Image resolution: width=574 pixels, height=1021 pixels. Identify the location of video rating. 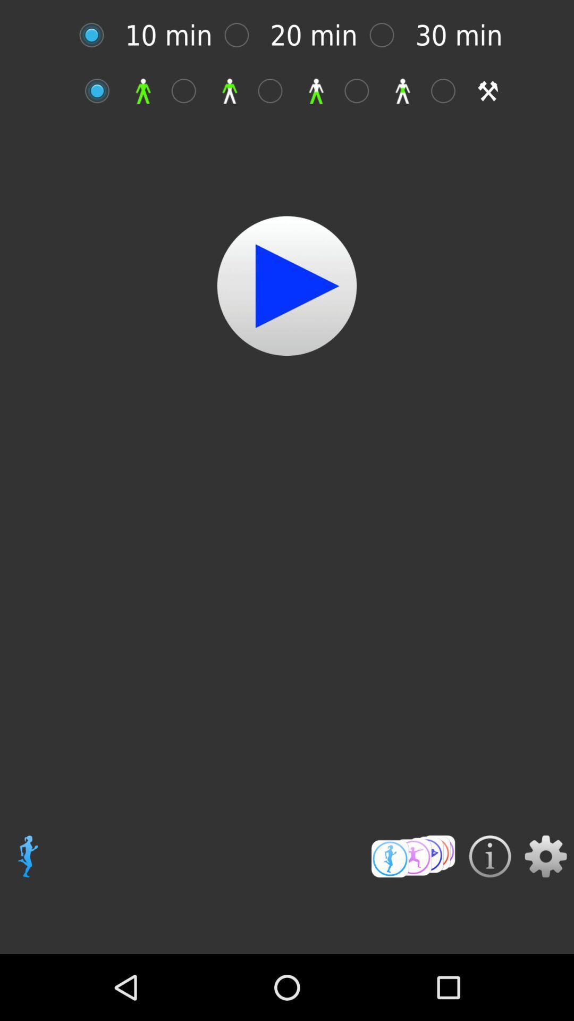
(412, 856).